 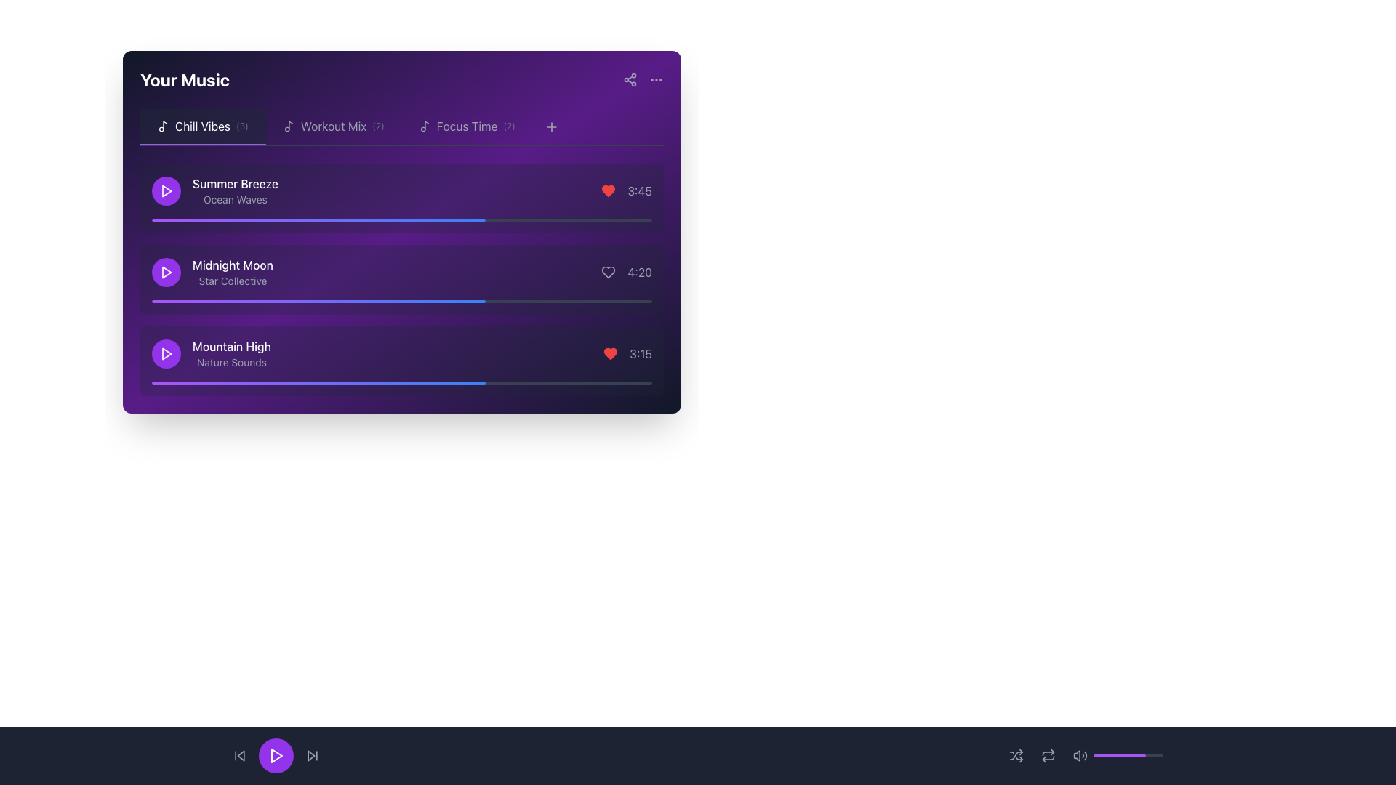 What do you see at coordinates (210, 353) in the screenshot?
I see `the third list item in the 'Chill Vibes' section that displays the song 'Mountain High' with details 'Nature Sounds'` at bounding box center [210, 353].